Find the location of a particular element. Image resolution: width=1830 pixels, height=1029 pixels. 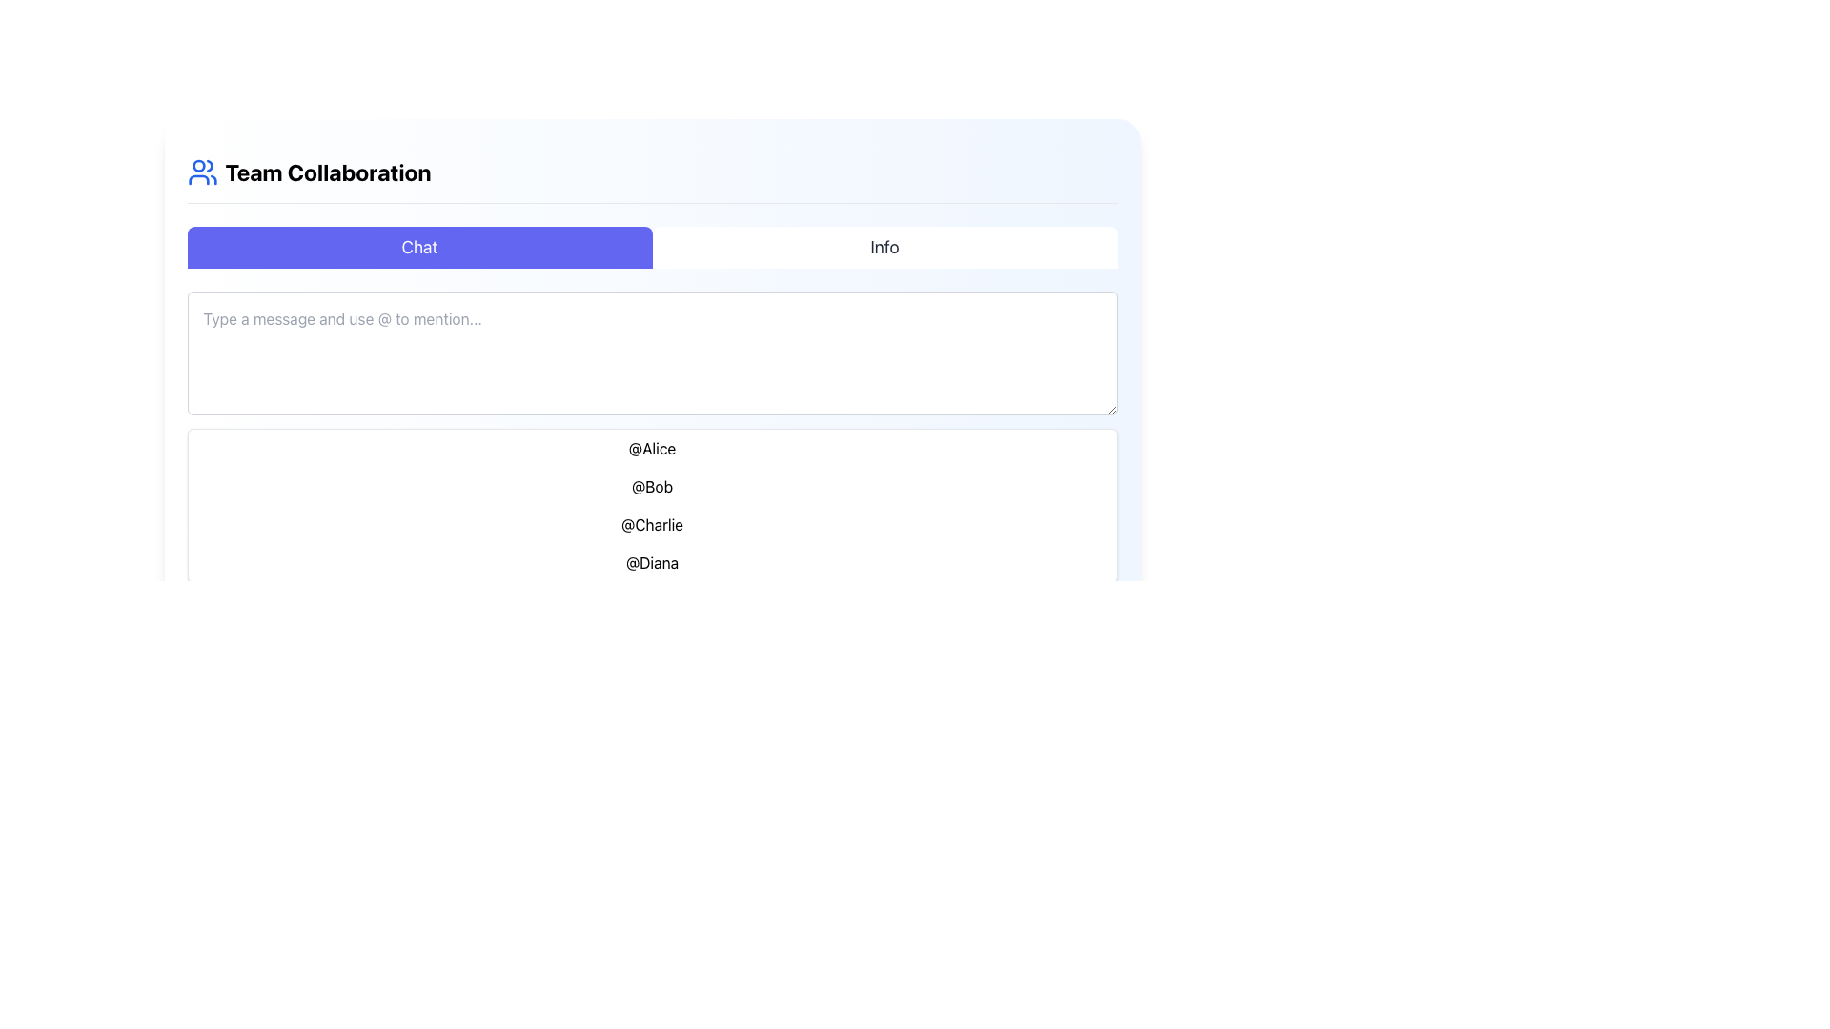

the text label element displaying '@Diana' is located at coordinates (652, 561).